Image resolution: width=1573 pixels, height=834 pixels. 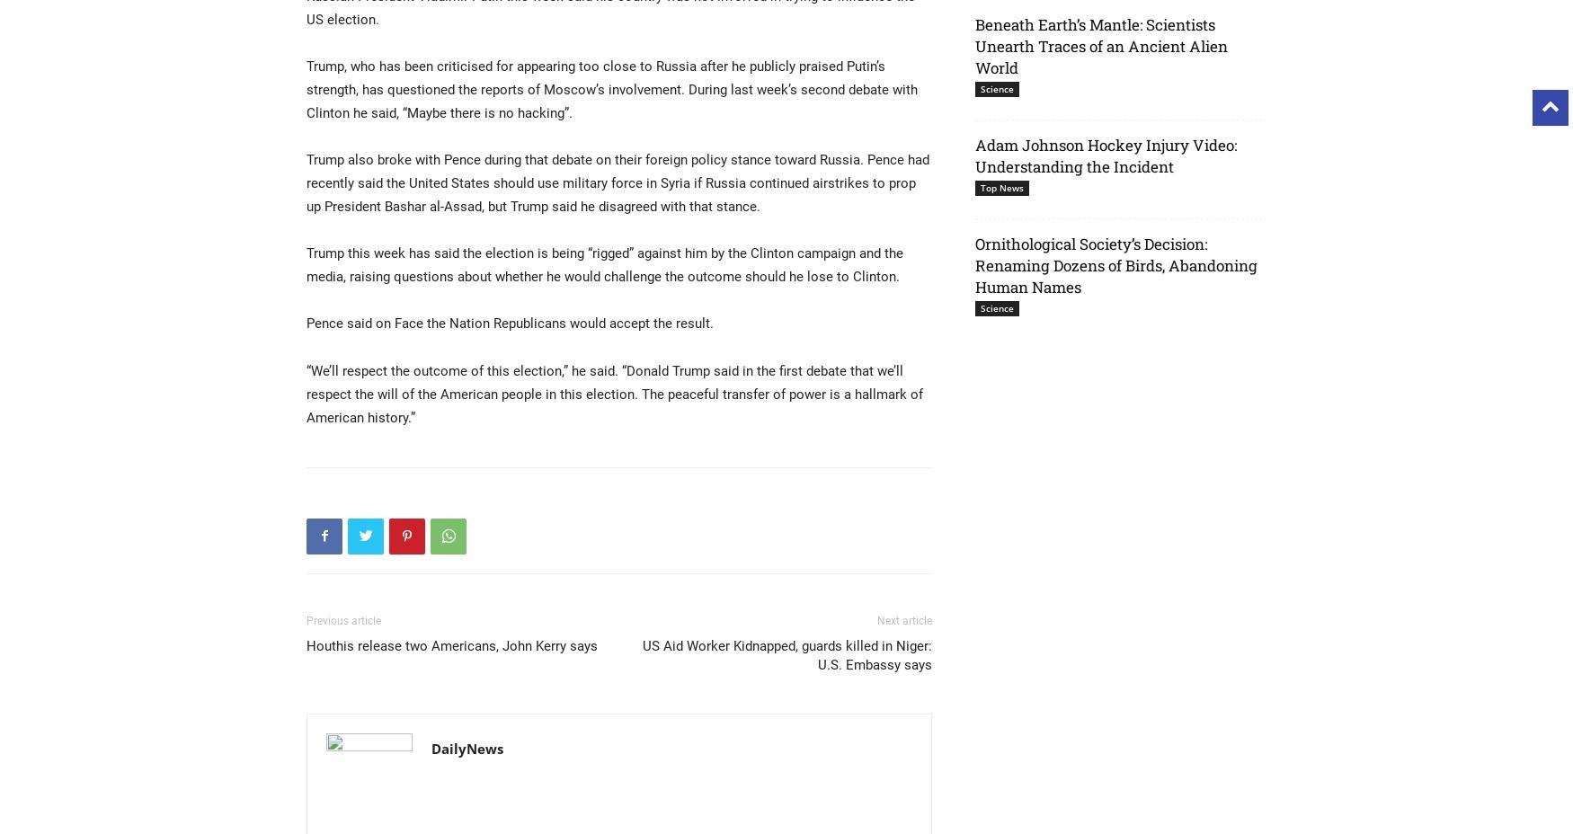 I want to click on 'Ornithological Society’s Decision: Renaming Dozens of Birds, Abandoning Human Names', so click(x=975, y=264).